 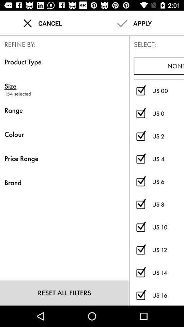 What do you see at coordinates (140, 159) in the screenshot?
I see `check out` at bounding box center [140, 159].